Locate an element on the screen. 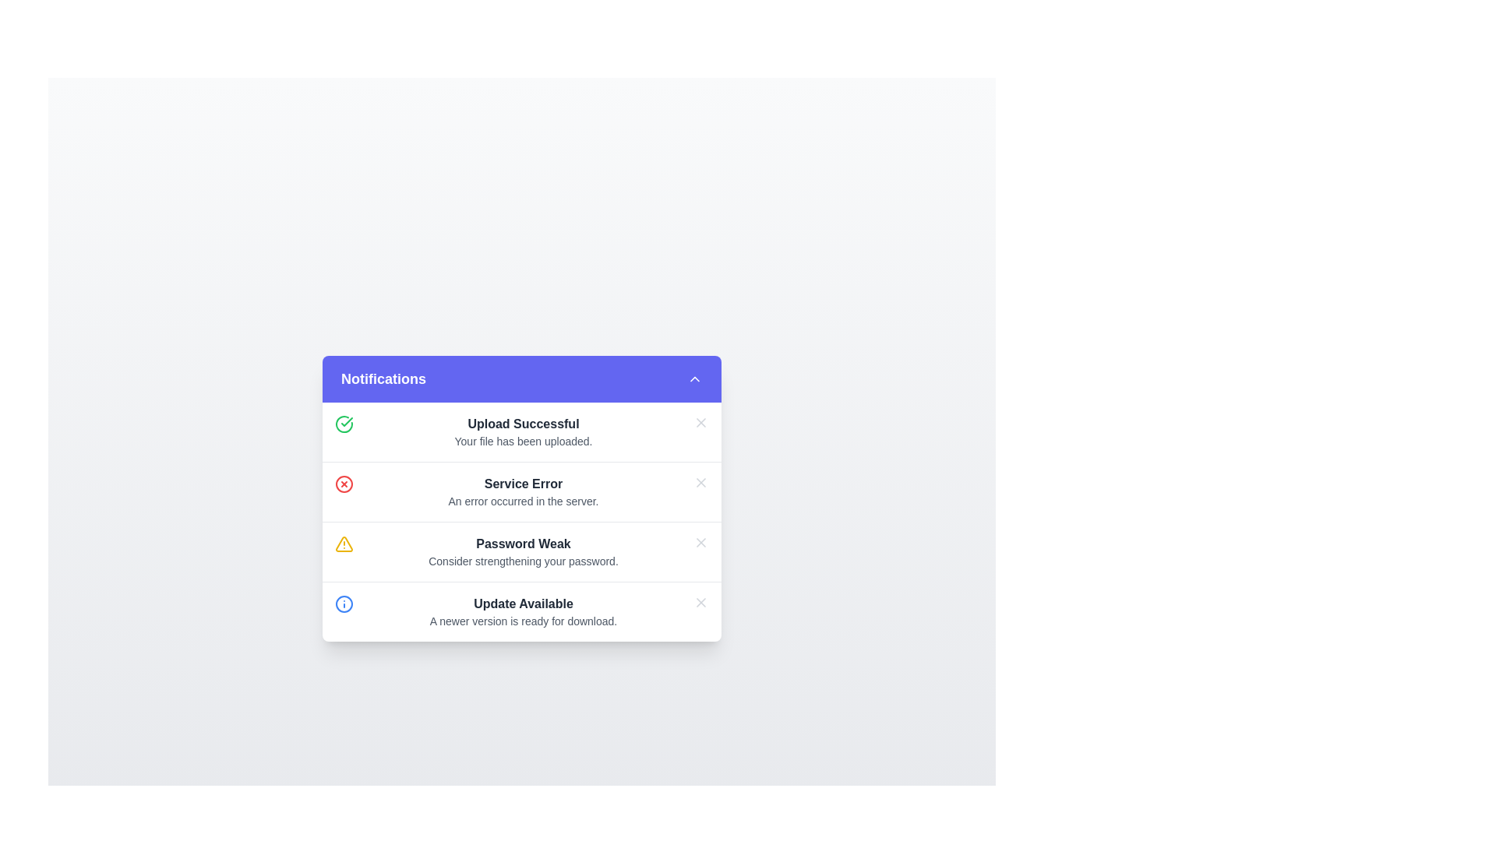  the dismiss button located at the far right of the 'Update Available' notification entry is located at coordinates (700, 601).